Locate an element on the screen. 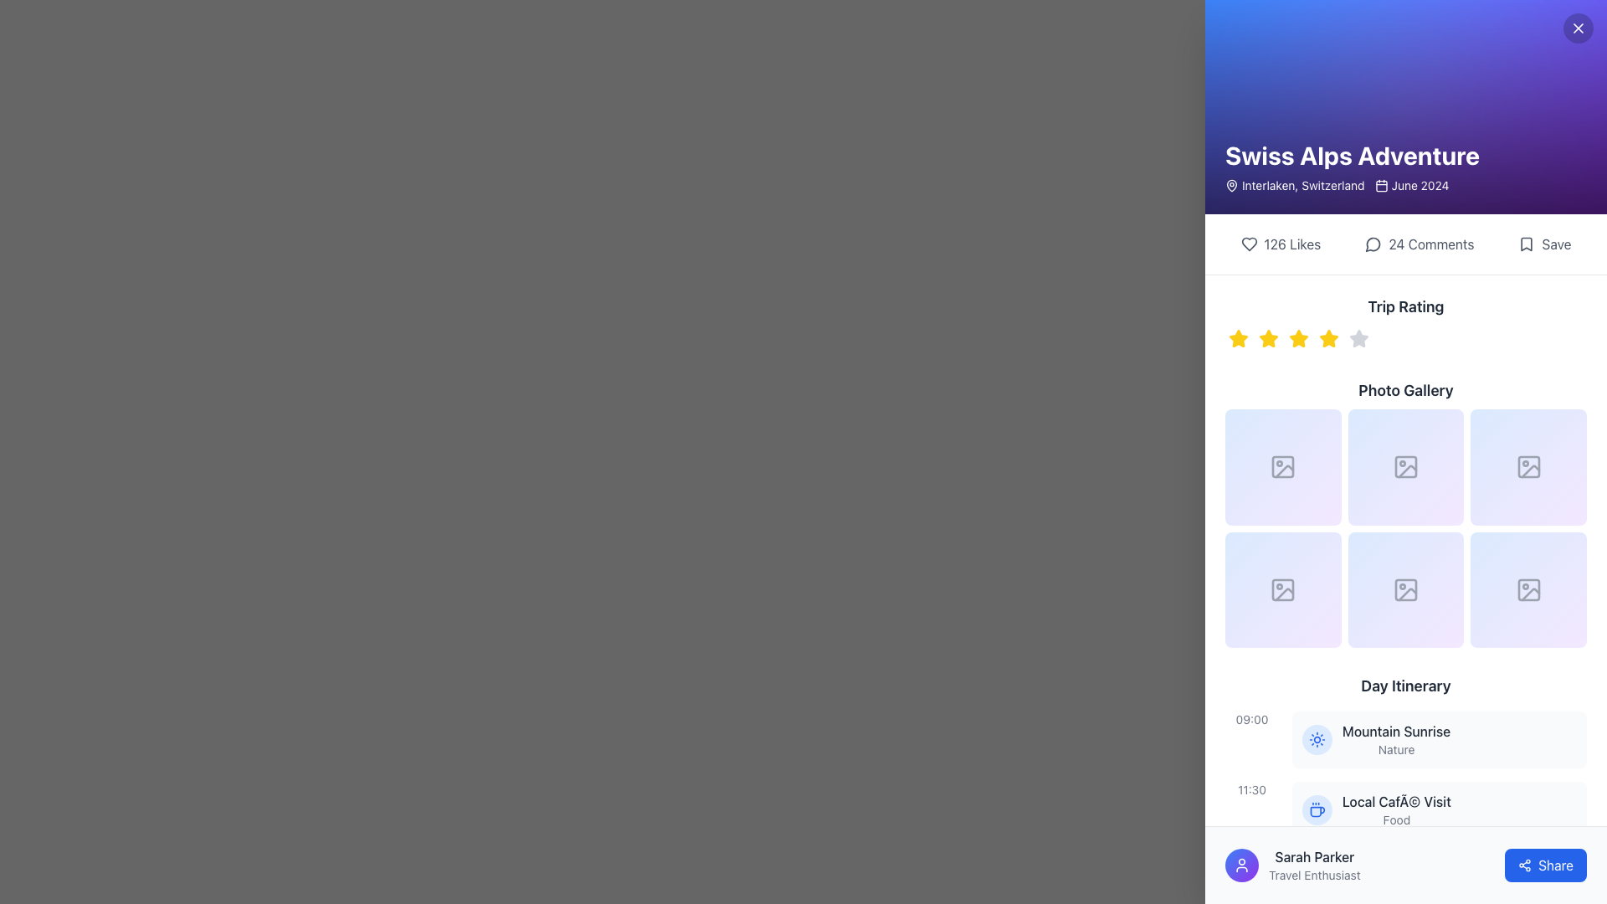 This screenshot has height=904, width=1607. the Label displaying 'Interlaken, Switzerland', which provides textual information regarding a location and is positioned to the right of a location pin icon is located at coordinates (1302, 186).